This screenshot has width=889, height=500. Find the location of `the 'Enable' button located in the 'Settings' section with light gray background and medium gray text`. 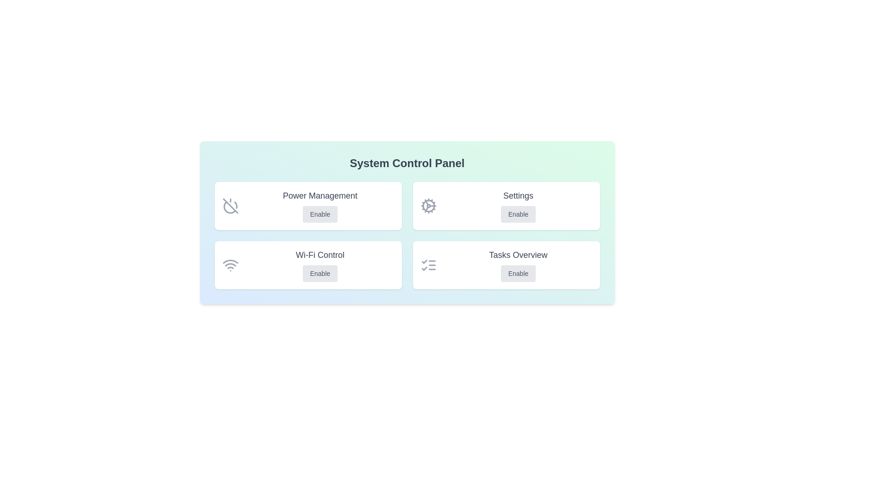

the 'Enable' button located in the 'Settings' section with light gray background and medium gray text is located at coordinates (518, 214).